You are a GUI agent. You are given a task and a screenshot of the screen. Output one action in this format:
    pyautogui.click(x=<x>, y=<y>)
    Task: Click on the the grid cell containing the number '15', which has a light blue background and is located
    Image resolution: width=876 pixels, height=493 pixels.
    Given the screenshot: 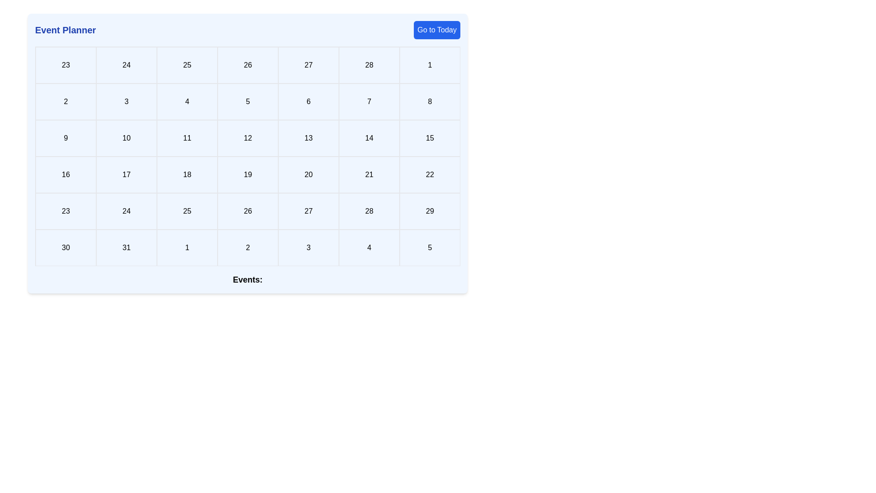 What is the action you would take?
    pyautogui.click(x=429, y=138)
    